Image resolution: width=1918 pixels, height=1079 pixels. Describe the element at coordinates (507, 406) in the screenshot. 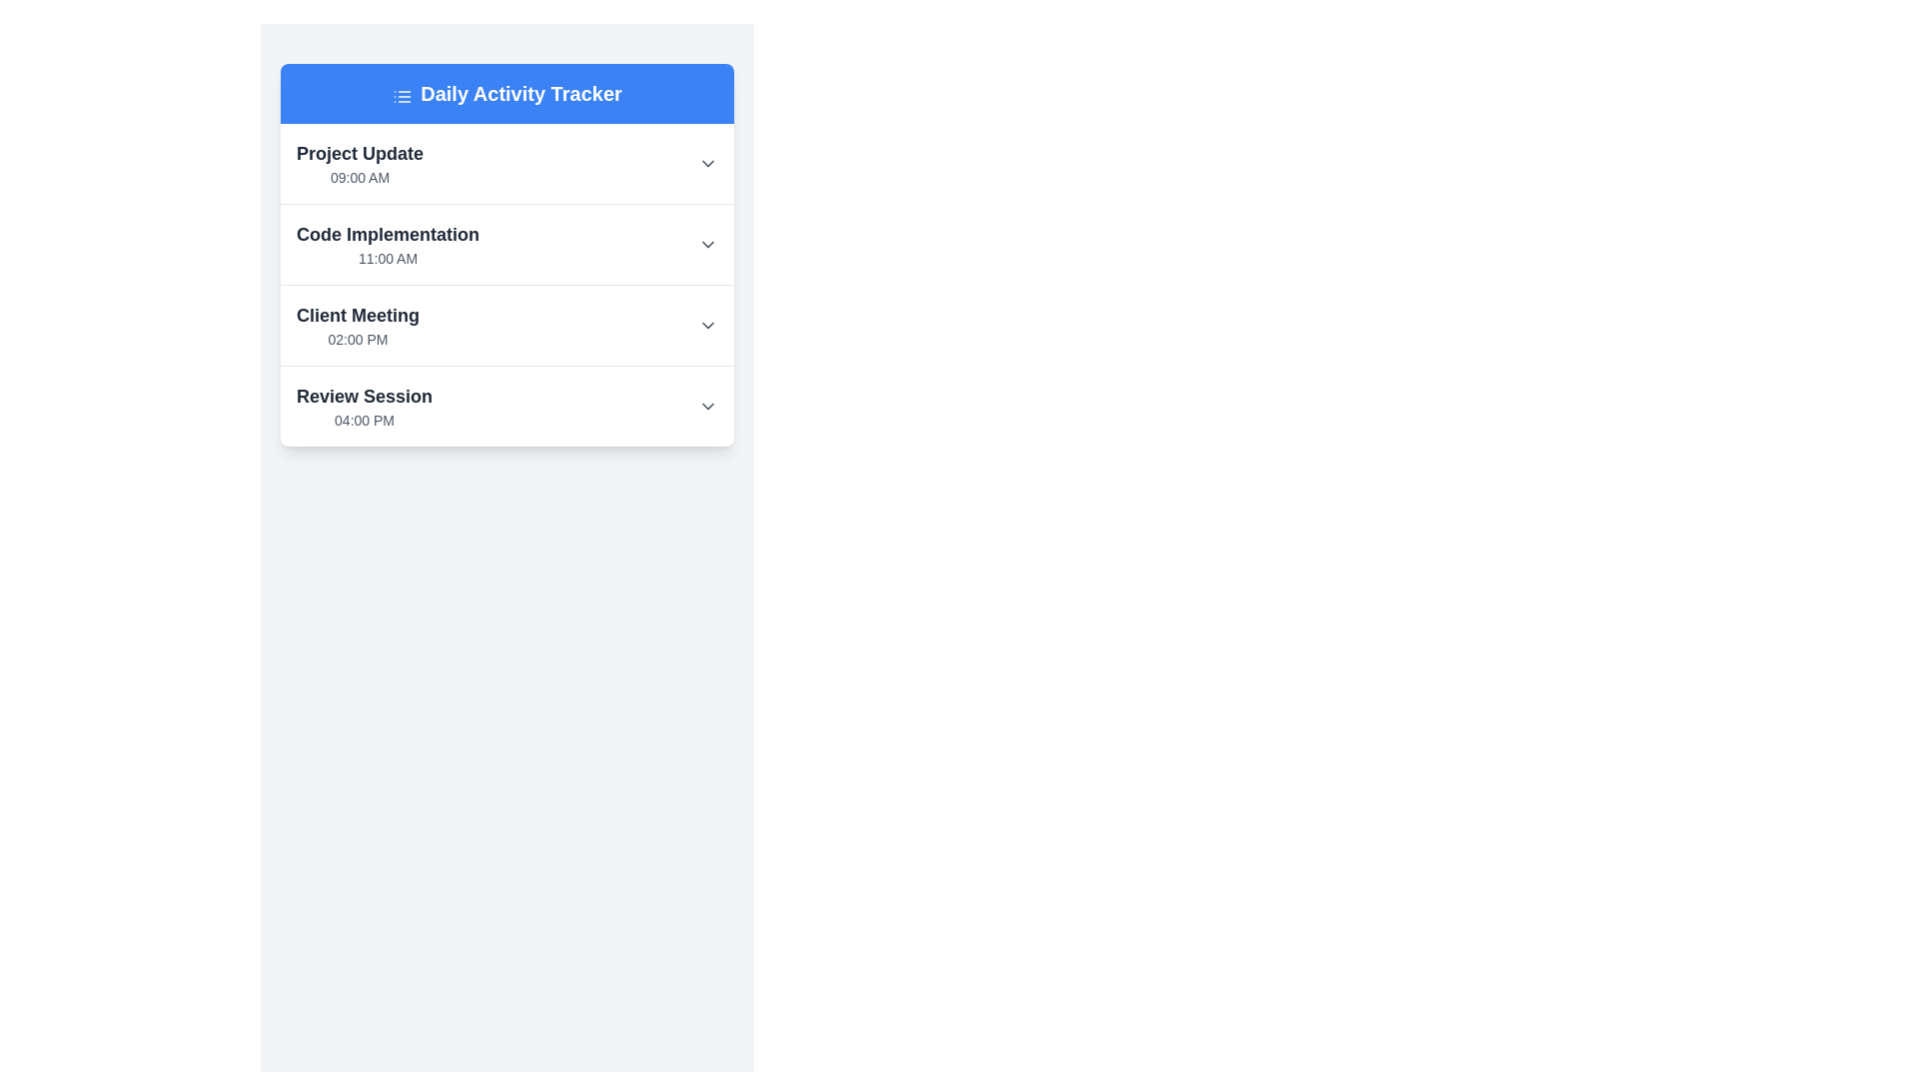

I see `the fourth entry in the 'Daily Activity Tracker' list, which represents a scheduled activity with a title and time` at that location.